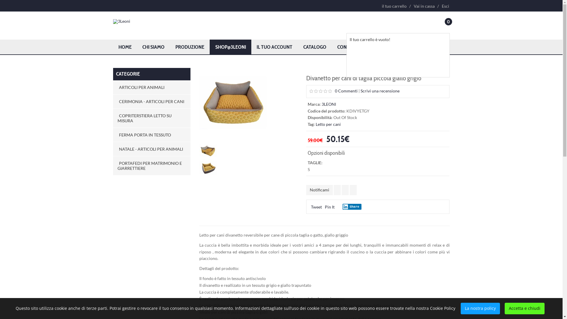 This screenshot has height=319, width=567. I want to click on 'Scrivi una recensione', so click(380, 91).